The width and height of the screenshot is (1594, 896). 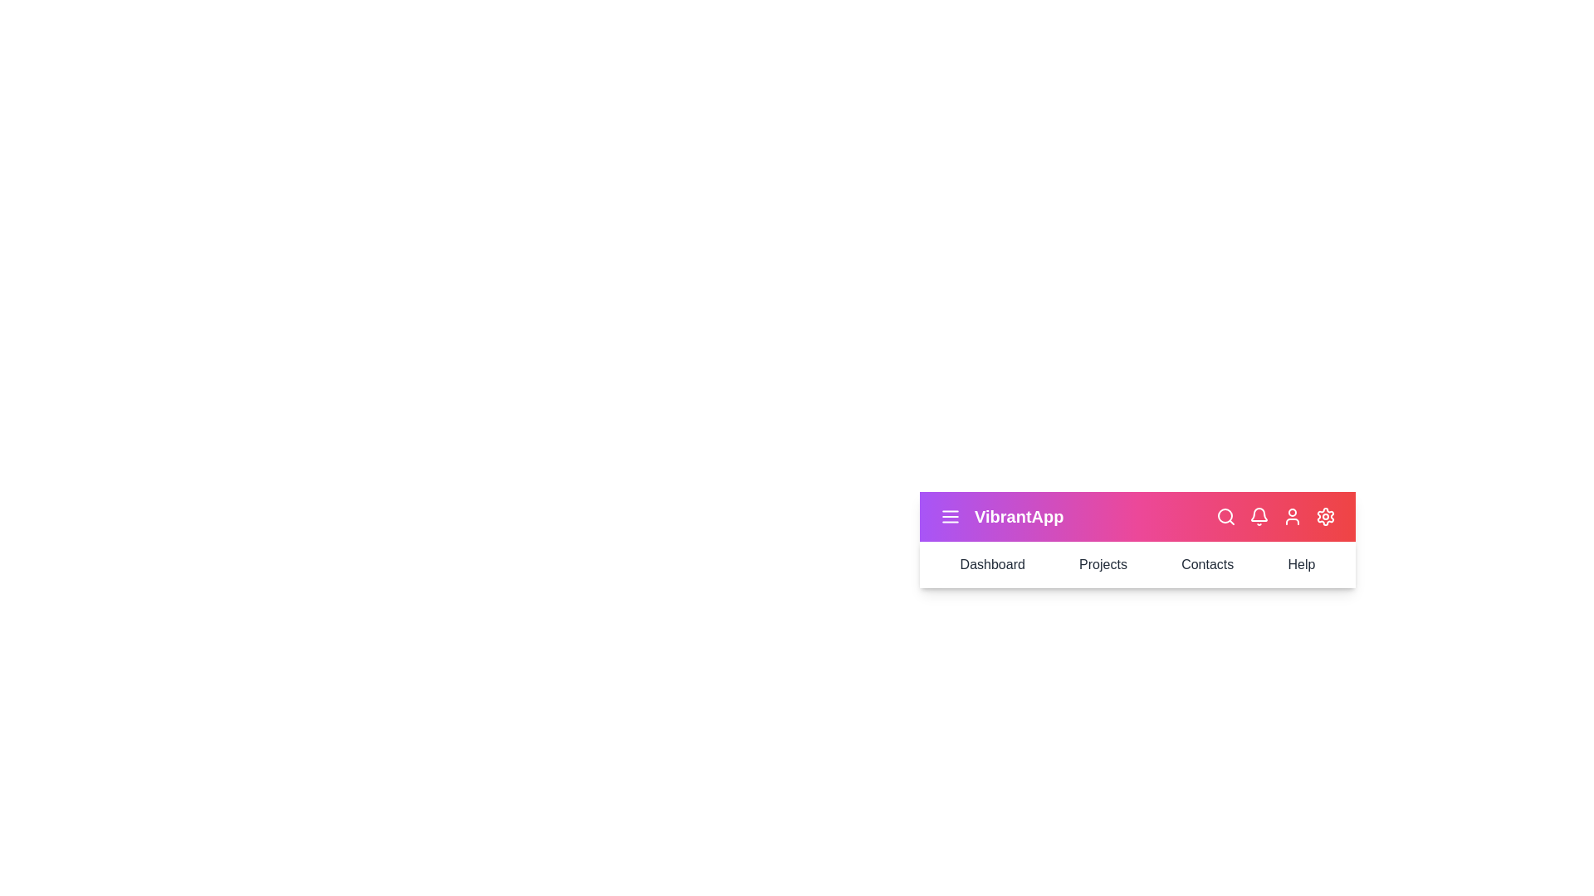 What do you see at coordinates (951, 516) in the screenshot?
I see `the menu_icon to reveal its effect` at bounding box center [951, 516].